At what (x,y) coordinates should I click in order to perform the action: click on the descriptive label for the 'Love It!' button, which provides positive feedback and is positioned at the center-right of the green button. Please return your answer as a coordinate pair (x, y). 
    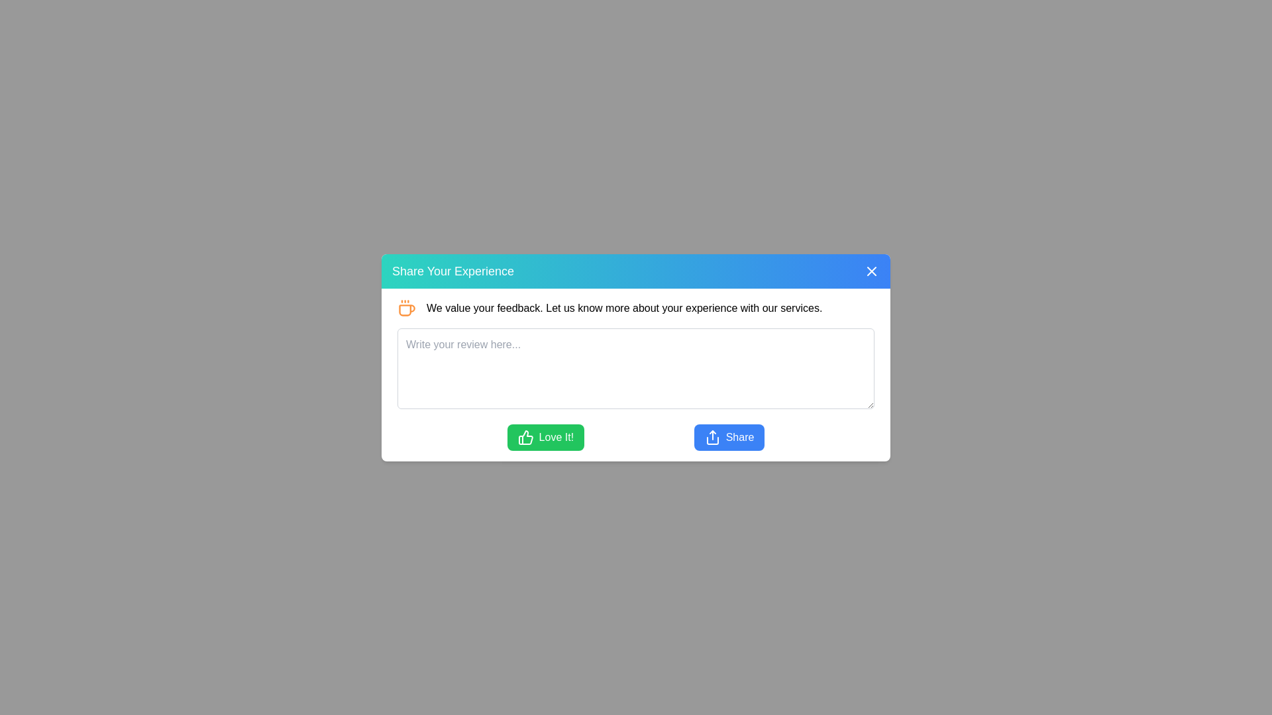
    Looking at the image, I should click on (556, 437).